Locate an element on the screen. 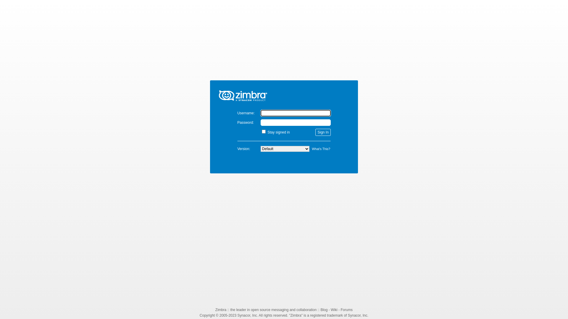 This screenshot has width=568, height=319. 'Zimbra' is located at coordinates (284, 92).